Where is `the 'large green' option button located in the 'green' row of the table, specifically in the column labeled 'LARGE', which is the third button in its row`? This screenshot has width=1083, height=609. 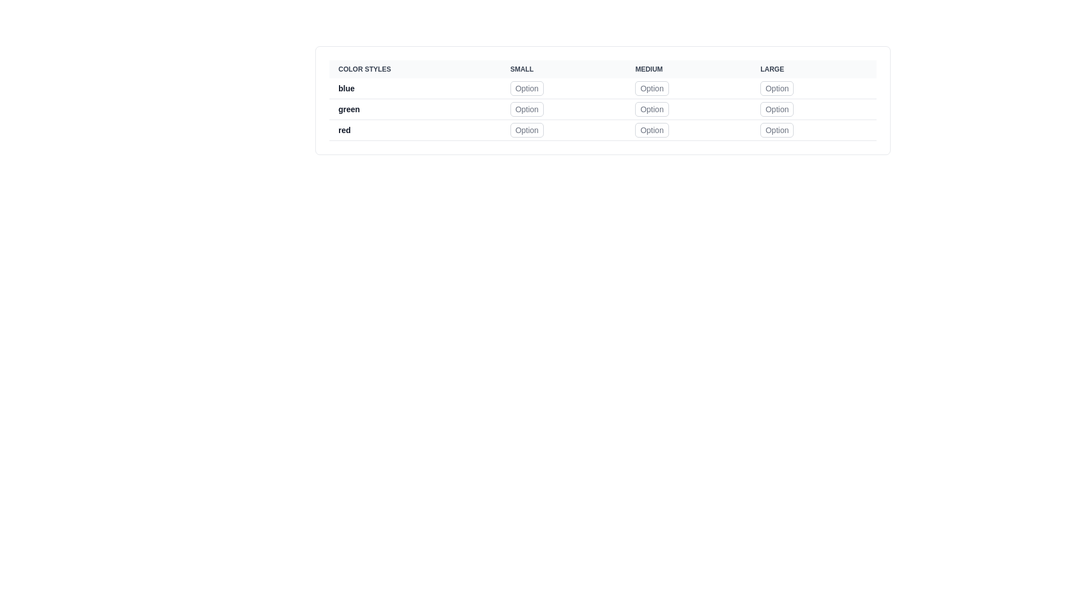 the 'large green' option button located in the 'green' row of the table, specifically in the column labeled 'LARGE', which is the third button in its row is located at coordinates (776, 109).